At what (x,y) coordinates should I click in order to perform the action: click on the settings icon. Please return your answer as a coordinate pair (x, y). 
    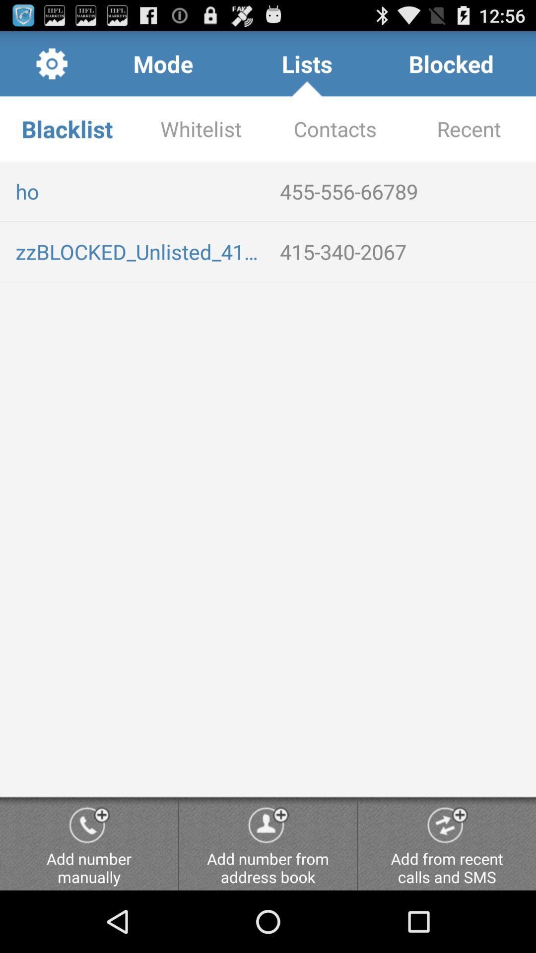
    Looking at the image, I should click on (52, 68).